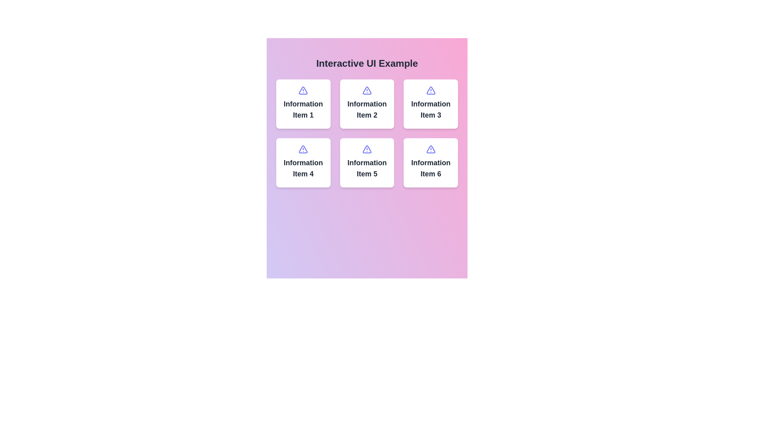 The image size is (762, 429). What do you see at coordinates (303, 90) in the screenshot?
I see `the purple triangular warning icon located at the top center of the card labeled 'Information Item 1'` at bounding box center [303, 90].